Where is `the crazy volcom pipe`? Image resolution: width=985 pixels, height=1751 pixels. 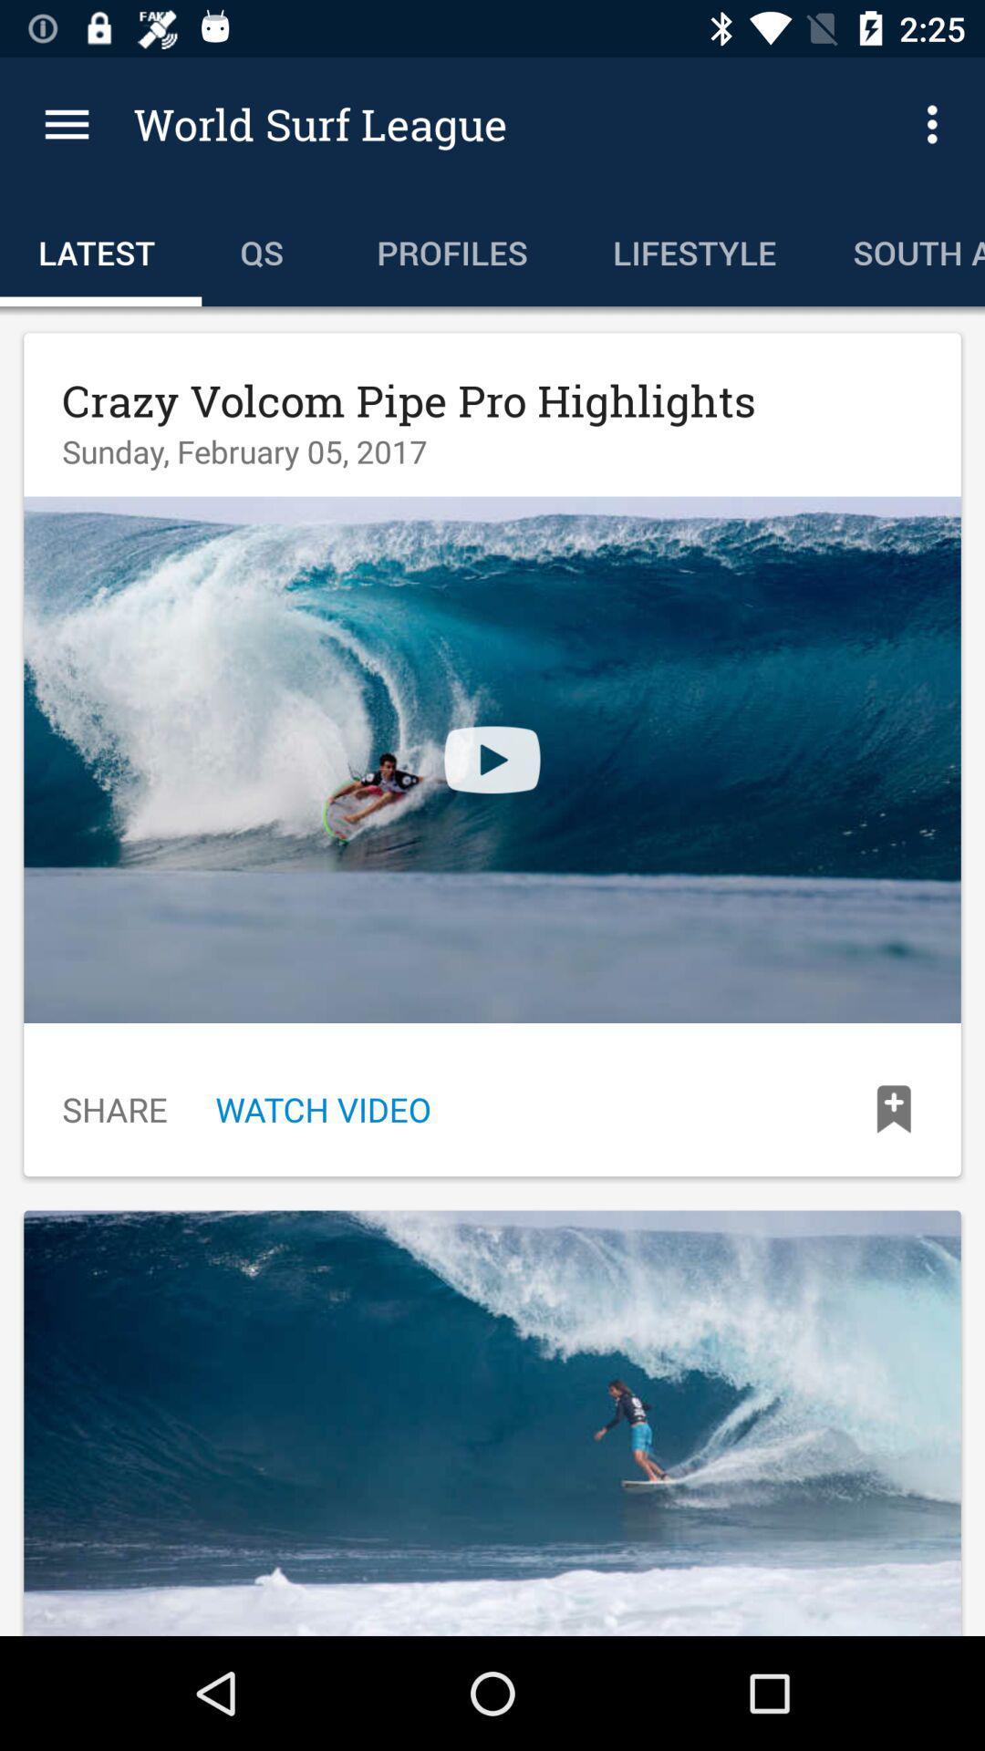
the crazy volcom pipe is located at coordinates (408, 399).